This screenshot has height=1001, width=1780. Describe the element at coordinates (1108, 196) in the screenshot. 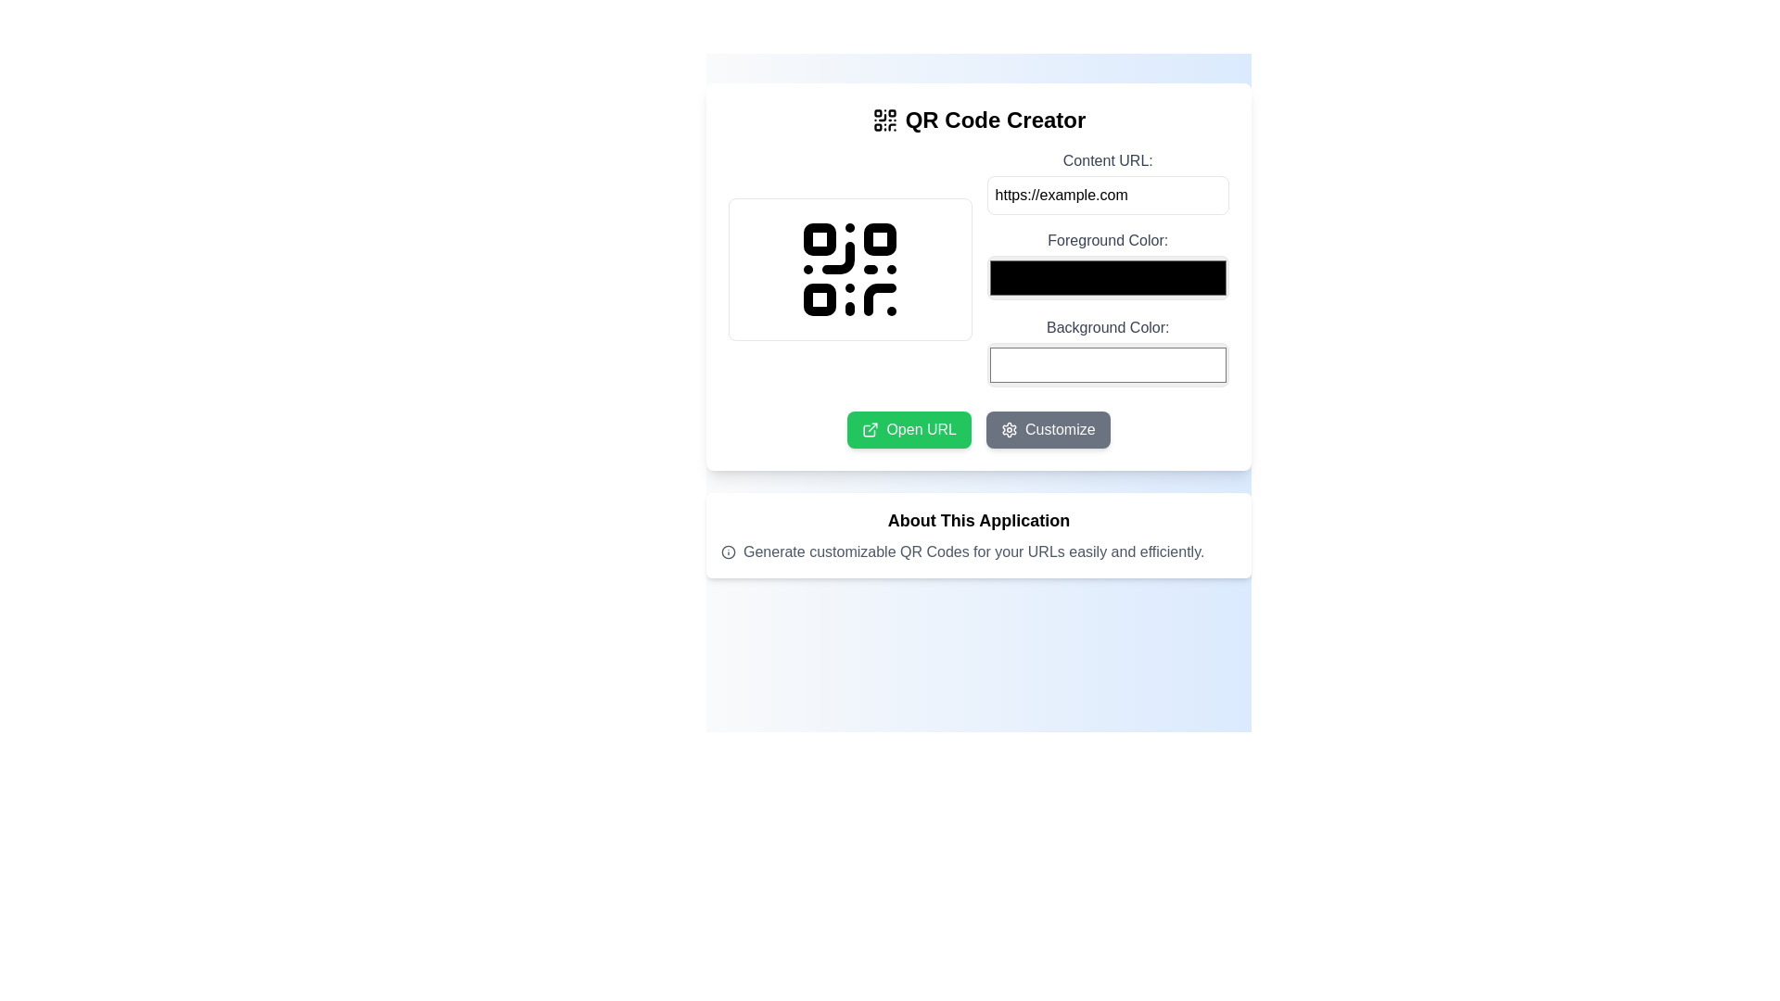

I see `the white rectangular text input field that contains the placeholder text 'https://' and is pre-filled with 'https://example.com'` at that location.